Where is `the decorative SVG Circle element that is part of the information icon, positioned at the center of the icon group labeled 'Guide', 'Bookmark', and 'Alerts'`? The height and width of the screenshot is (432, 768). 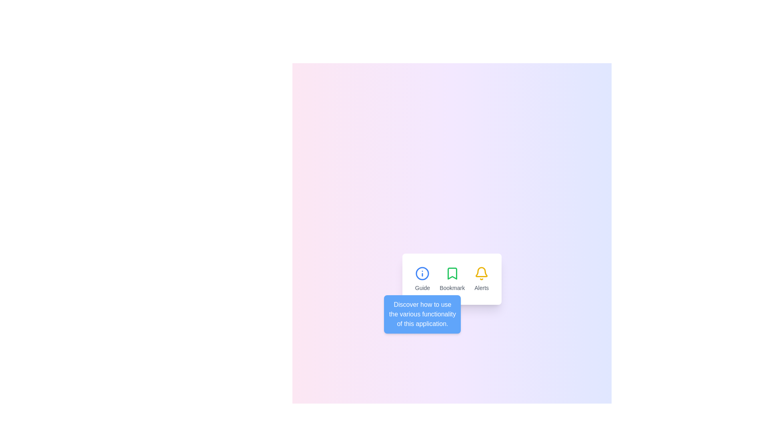
the decorative SVG Circle element that is part of the information icon, positioned at the center of the icon group labeled 'Guide', 'Bookmark', and 'Alerts' is located at coordinates (422, 273).